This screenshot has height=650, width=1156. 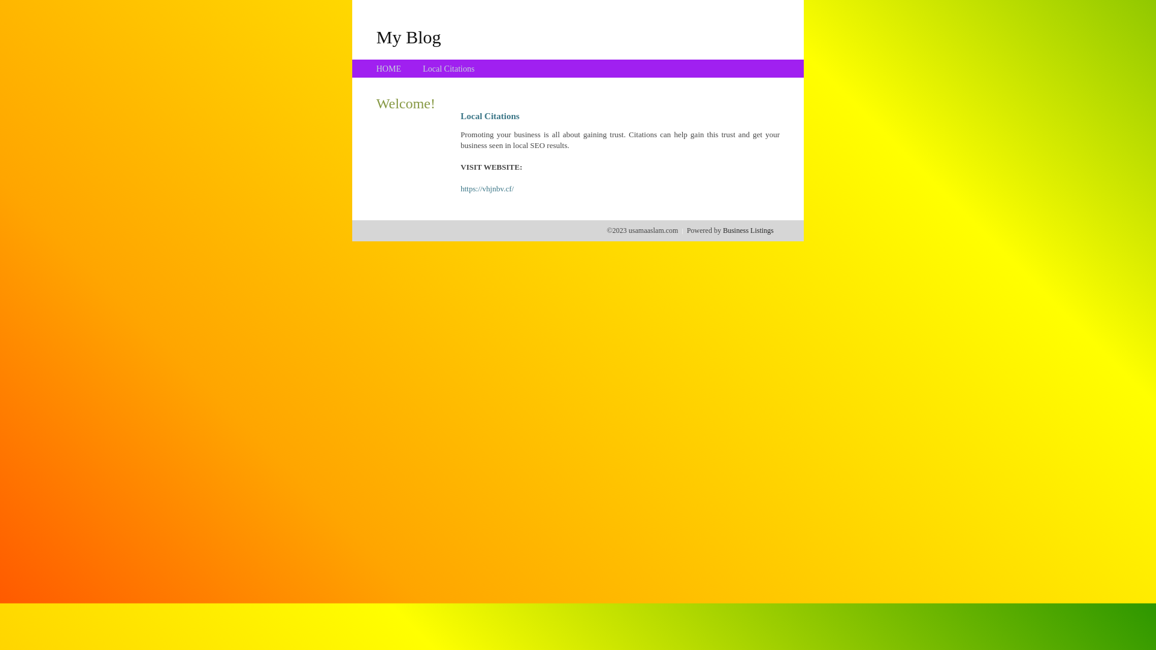 I want to click on 'https://vhjnbv.cf/', so click(x=487, y=188).